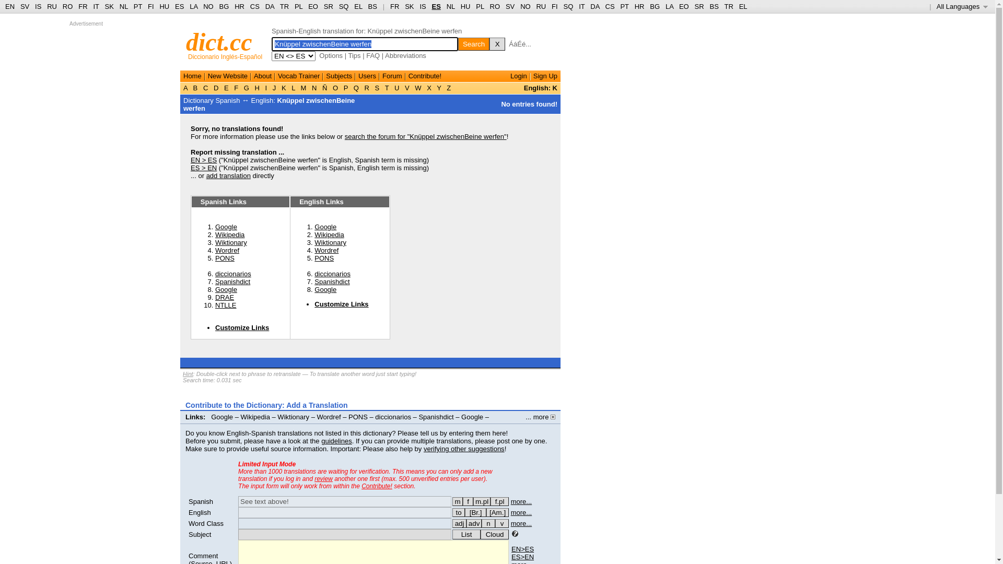 Image resolution: width=1003 pixels, height=564 pixels. Describe the element at coordinates (328, 6) in the screenshot. I see `'SR'` at that location.